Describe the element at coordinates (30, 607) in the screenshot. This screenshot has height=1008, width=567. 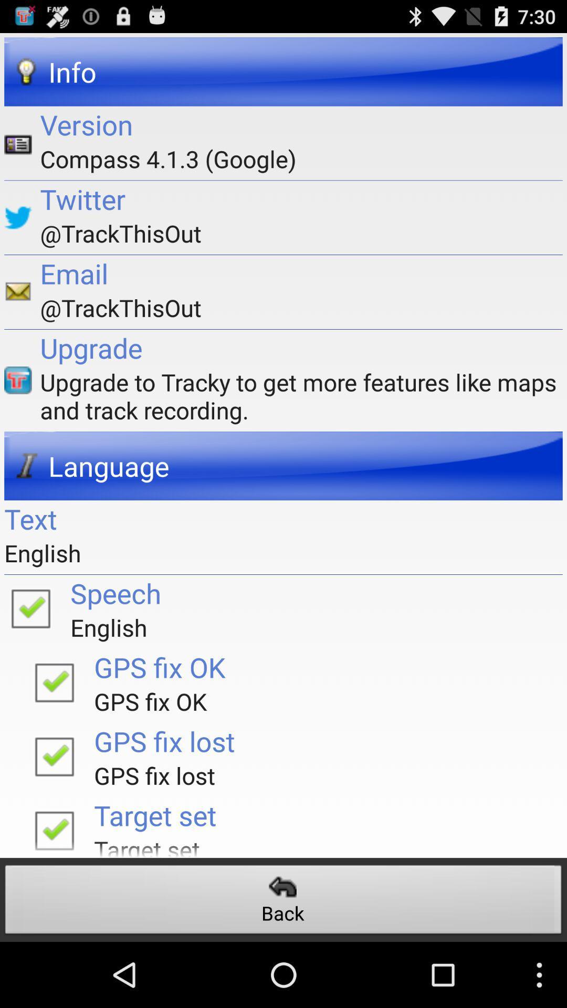
I see `click option` at that location.